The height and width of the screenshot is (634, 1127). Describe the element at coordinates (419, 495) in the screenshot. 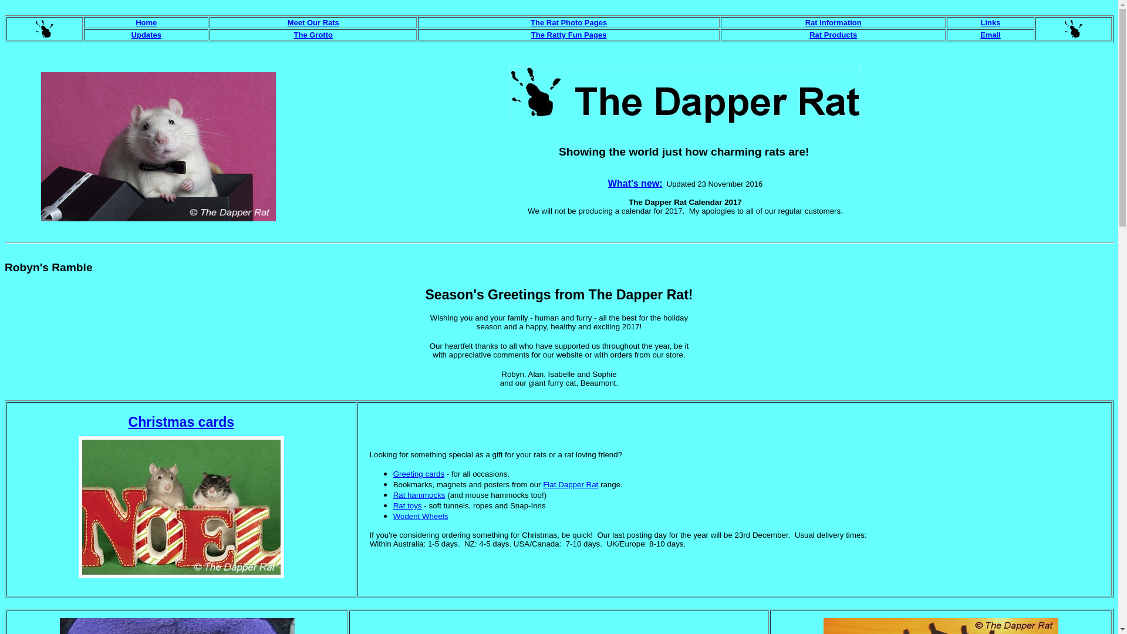

I see `'Rat hammocks'` at that location.